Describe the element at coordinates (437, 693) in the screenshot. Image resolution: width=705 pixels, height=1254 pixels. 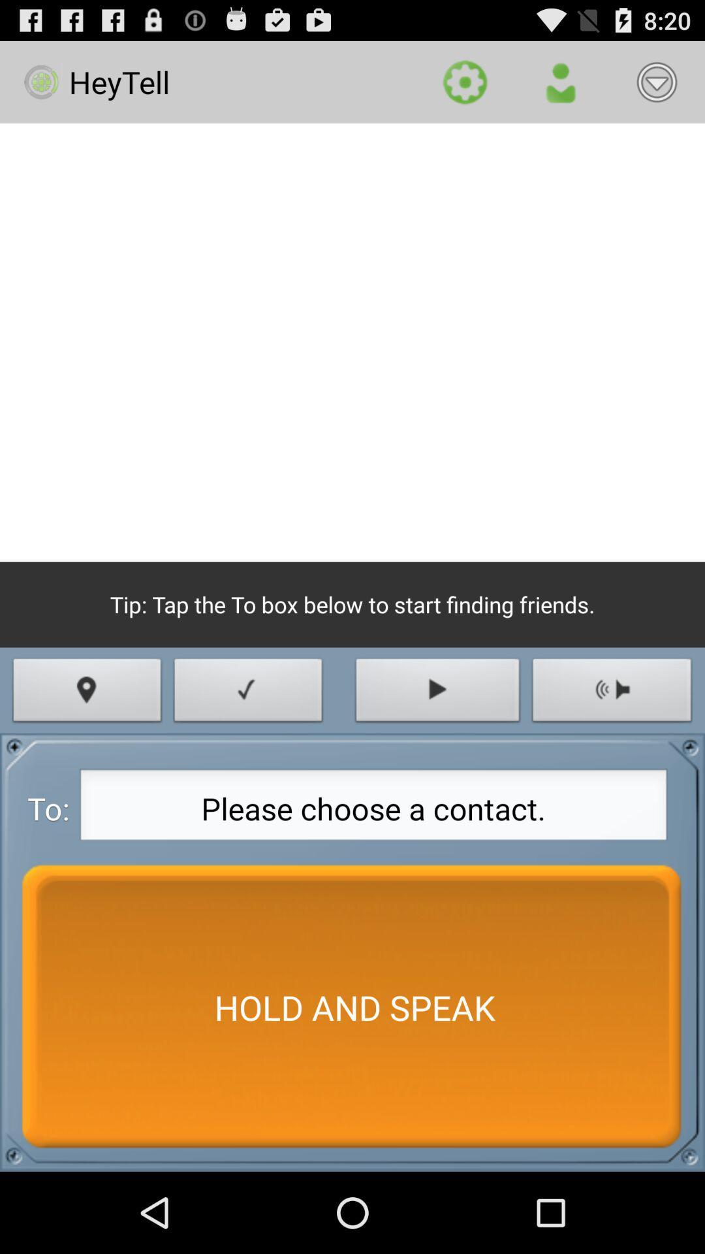
I see `the icon below tip tap the` at that location.